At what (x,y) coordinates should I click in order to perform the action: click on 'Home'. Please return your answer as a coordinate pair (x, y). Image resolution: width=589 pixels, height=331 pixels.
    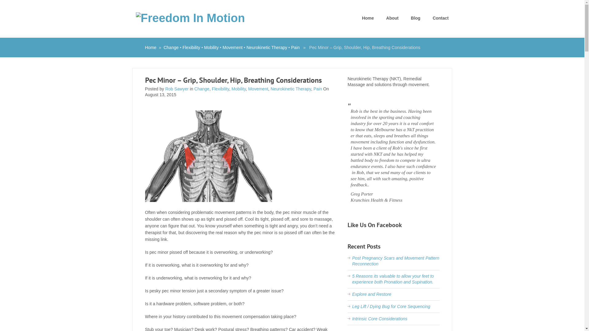
    Looking at the image, I should click on (150, 47).